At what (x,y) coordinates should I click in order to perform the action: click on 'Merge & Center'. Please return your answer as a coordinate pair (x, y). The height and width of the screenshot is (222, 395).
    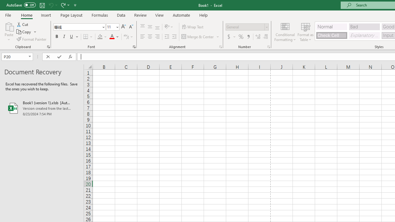
    Looking at the image, I should click on (201, 37).